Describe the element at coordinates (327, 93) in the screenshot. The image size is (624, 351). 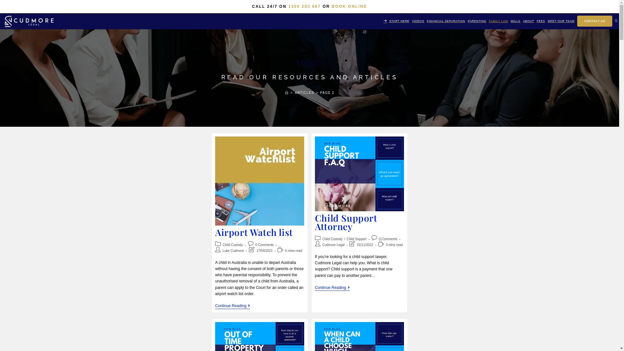
I see `'PAGE 2'` at that location.